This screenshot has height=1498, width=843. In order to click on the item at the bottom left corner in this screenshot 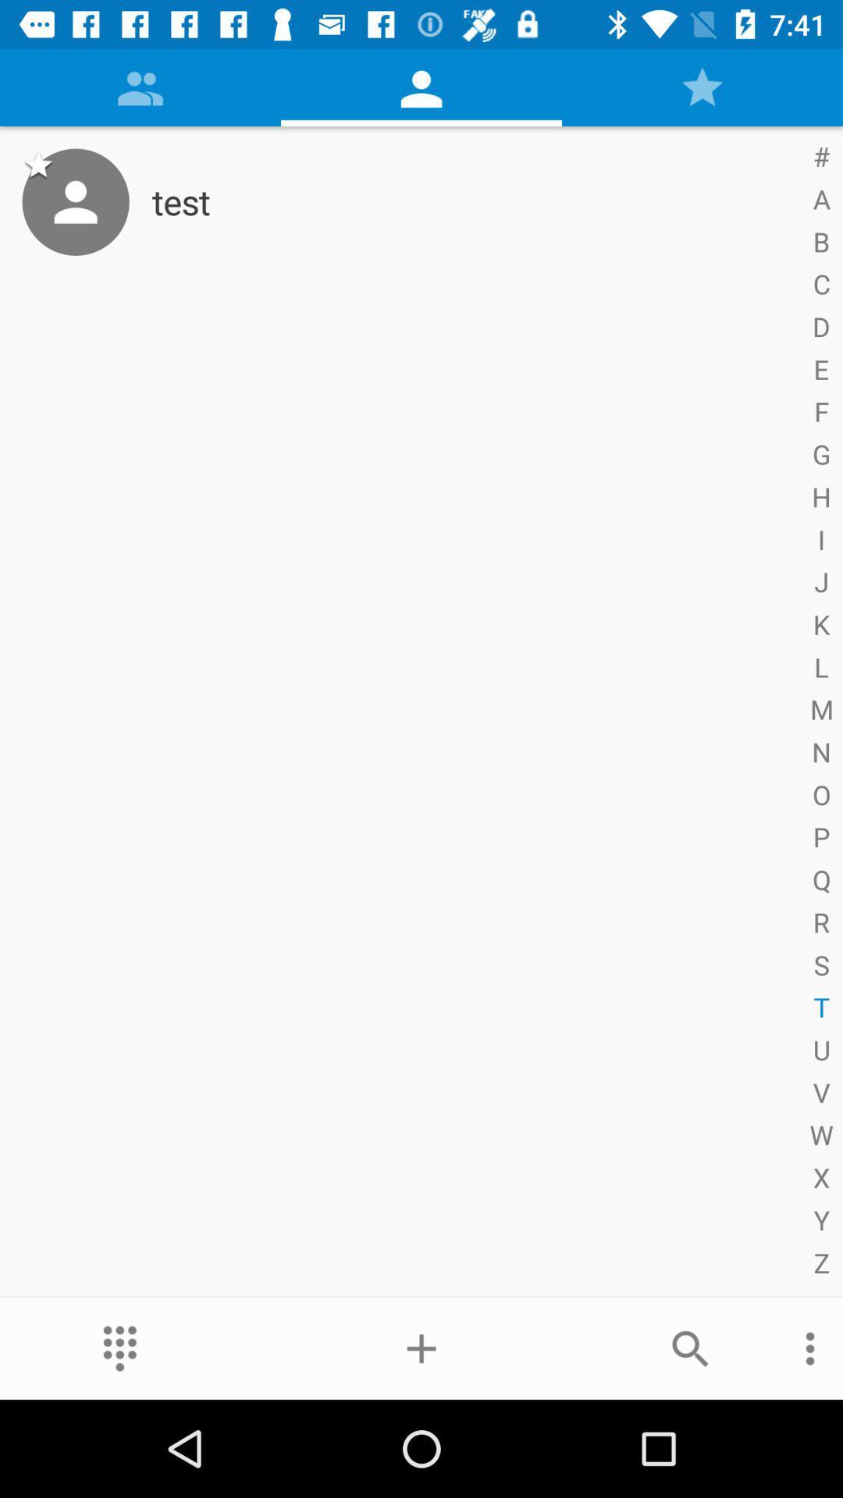, I will do `click(119, 1347)`.